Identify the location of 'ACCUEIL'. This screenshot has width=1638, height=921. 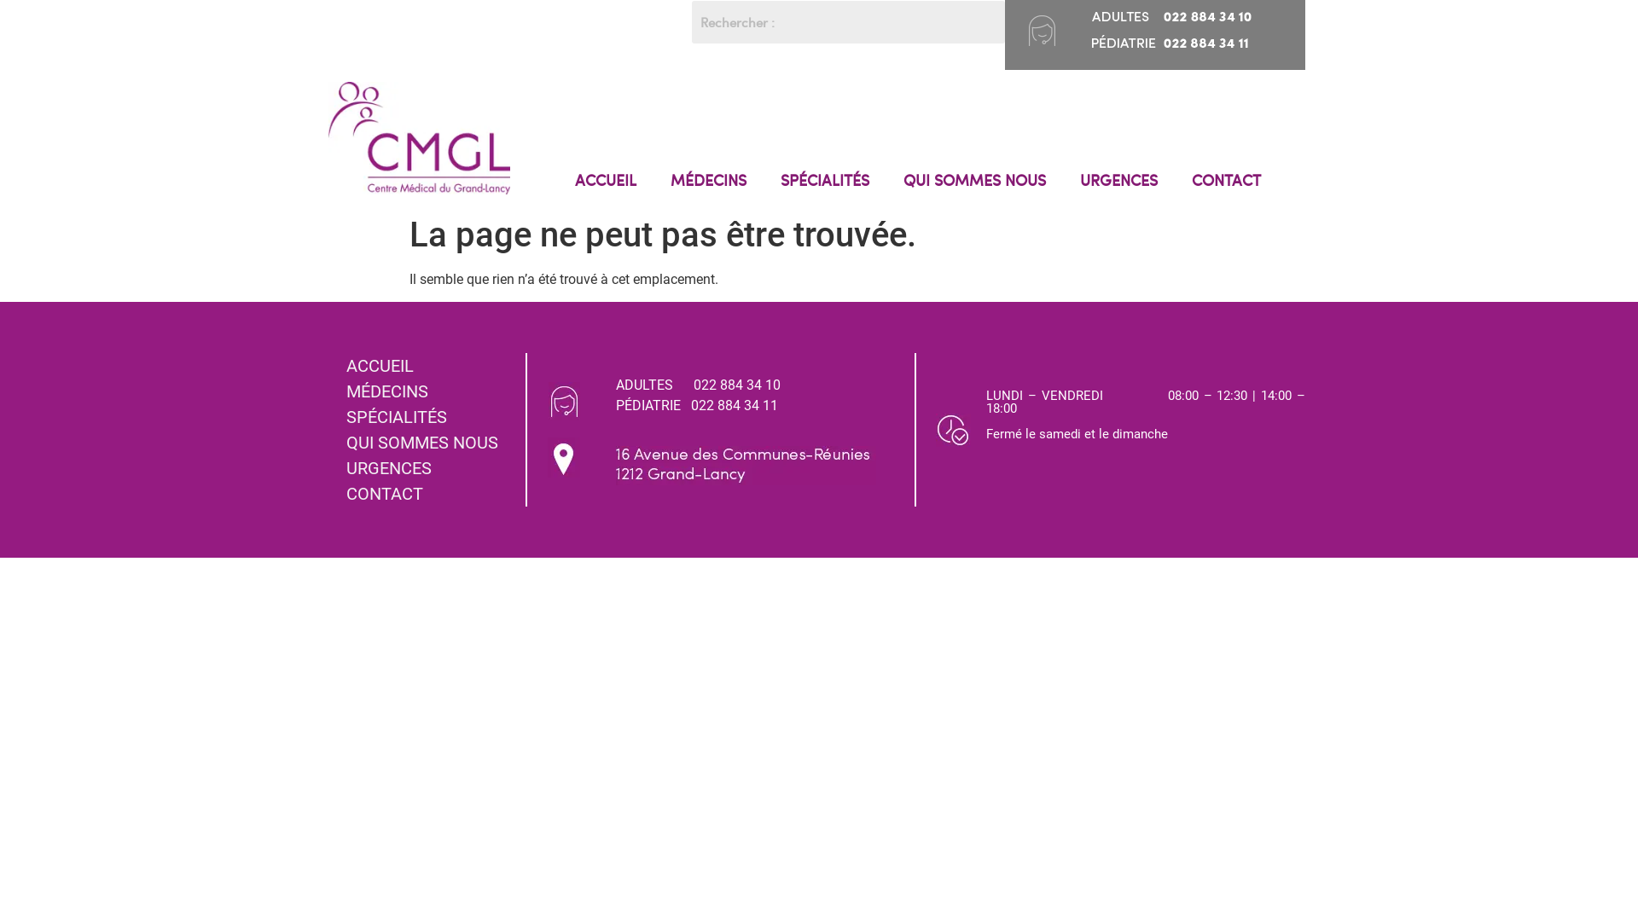
(606, 180).